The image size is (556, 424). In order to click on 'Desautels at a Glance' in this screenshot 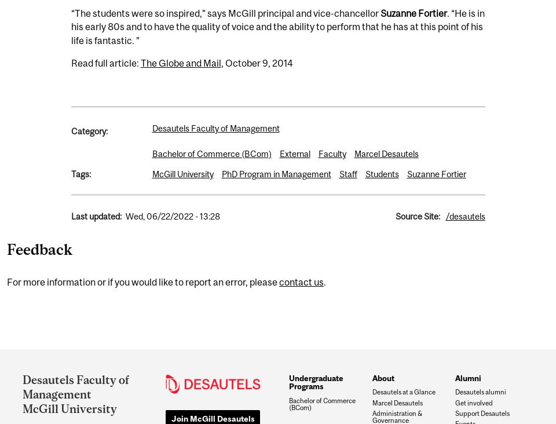, I will do `click(403, 392)`.